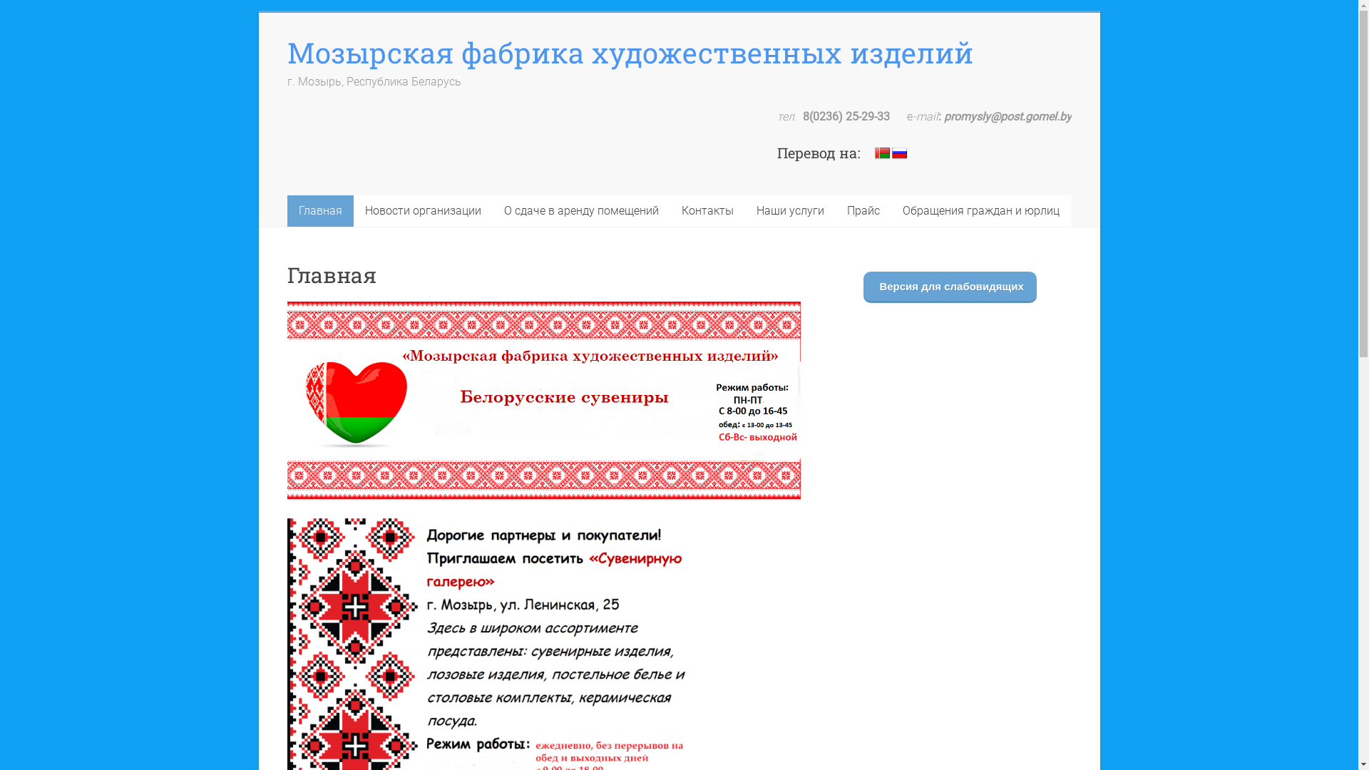 The image size is (1369, 770). Describe the element at coordinates (882, 153) in the screenshot. I see `'Belarusian'` at that location.